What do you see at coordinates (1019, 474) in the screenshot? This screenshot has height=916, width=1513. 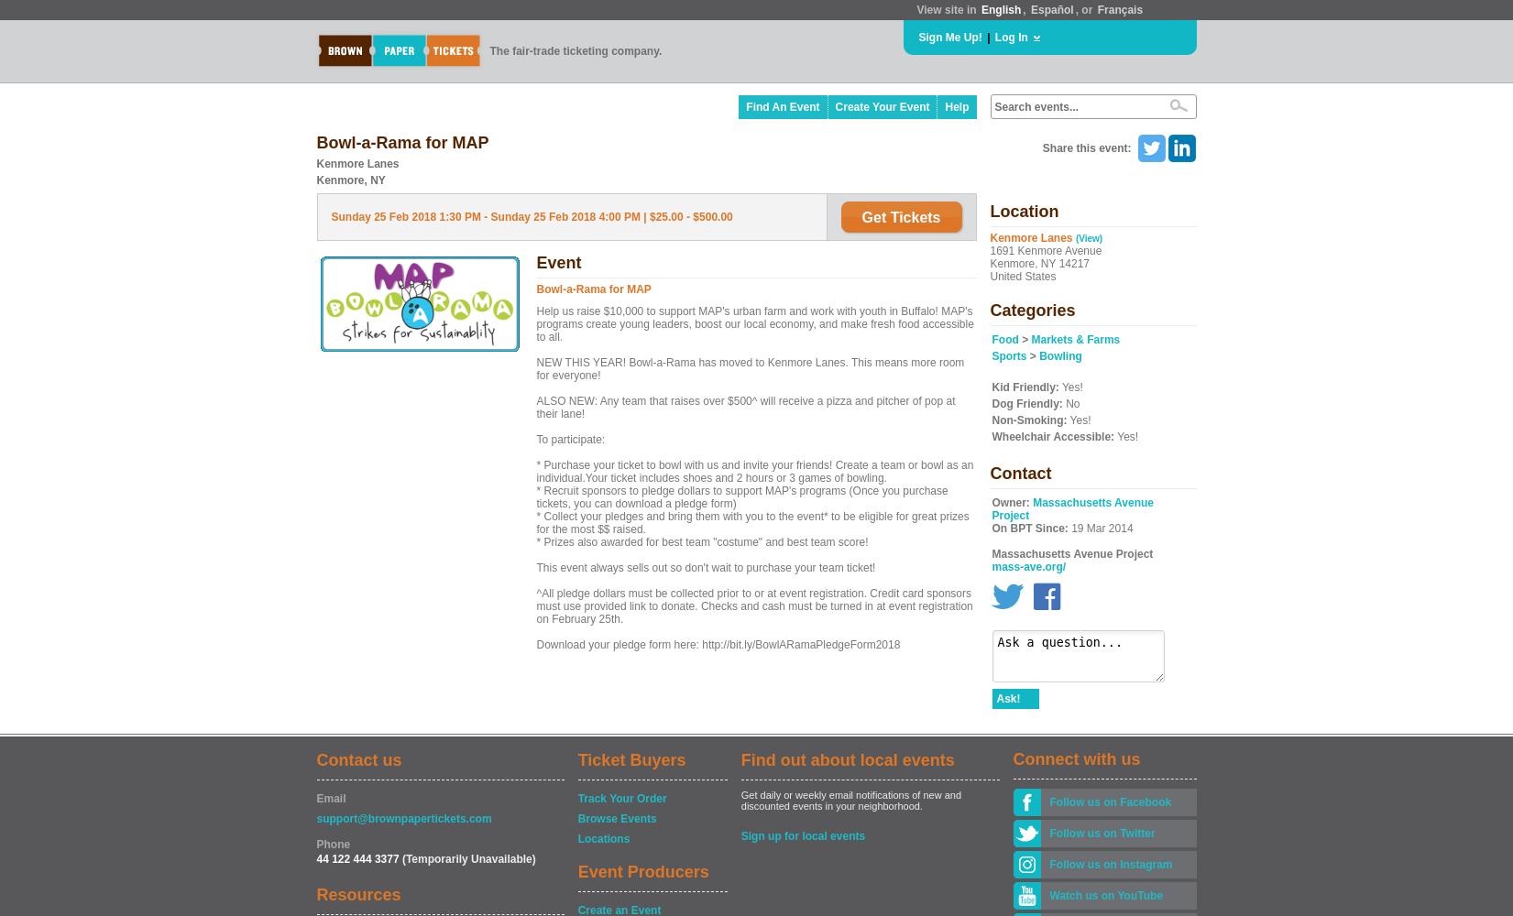 I see `'Contact'` at bounding box center [1019, 474].